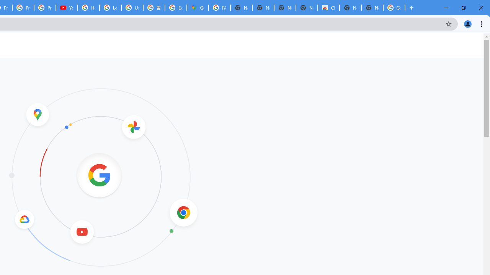  What do you see at coordinates (198, 8) in the screenshot?
I see `'Google Maps'` at bounding box center [198, 8].